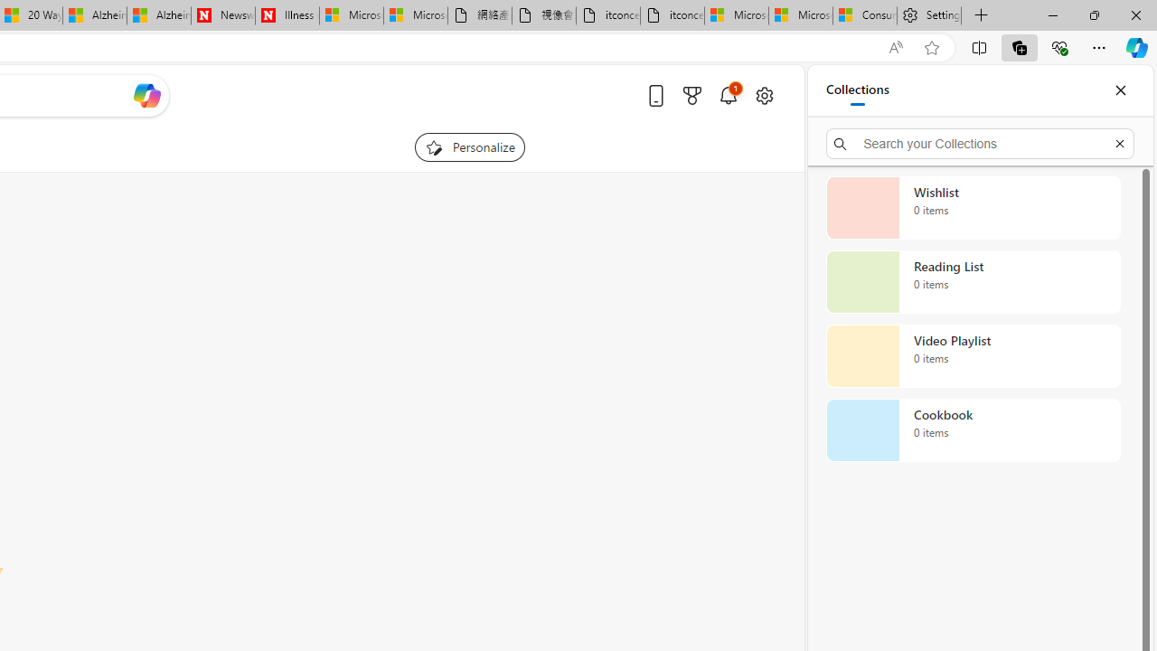 Image resolution: width=1157 pixels, height=651 pixels. I want to click on 'Cookbook collection, 0 items', so click(973, 429).